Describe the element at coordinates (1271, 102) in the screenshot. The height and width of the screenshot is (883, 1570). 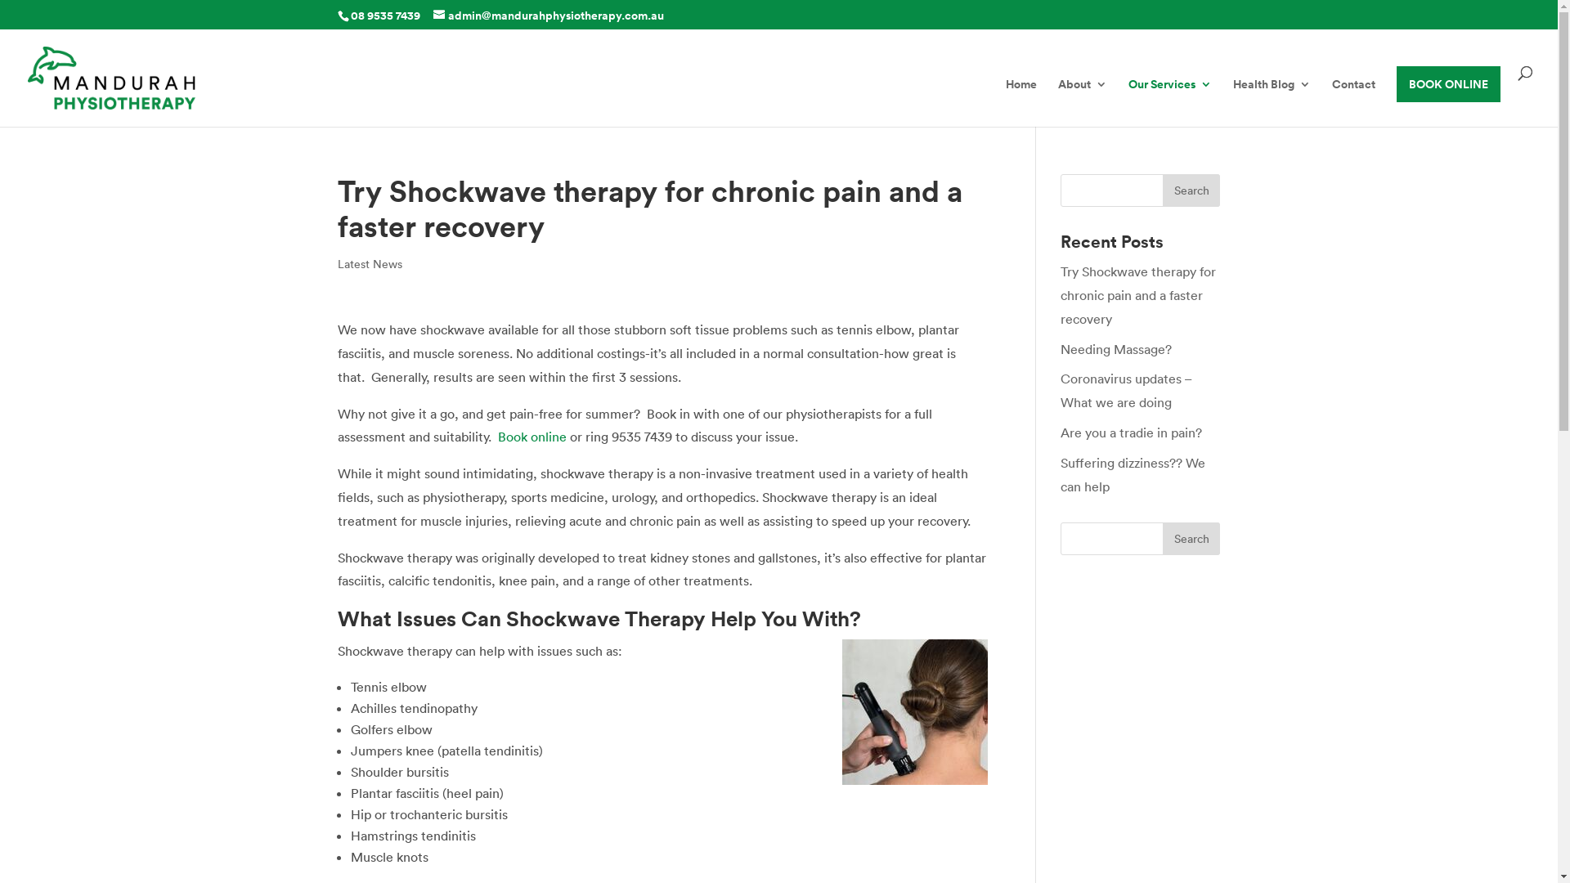
I see `'Health Blog'` at that location.